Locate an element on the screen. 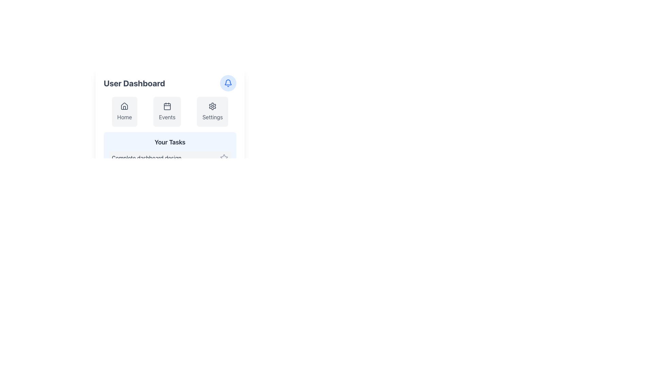 The height and width of the screenshot is (367, 653). the star icon located in the bottom-right corner of a task item under the 'Your Tasks' section is located at coordinates (224, 158).